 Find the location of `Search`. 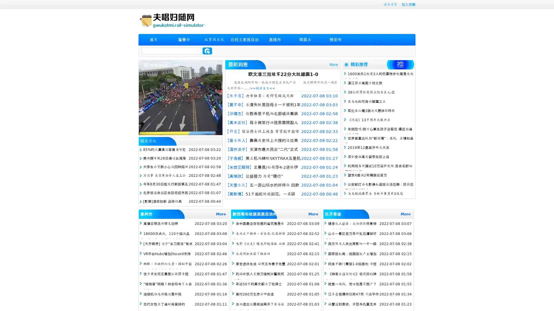

Search is located at coordinates (207, 51).